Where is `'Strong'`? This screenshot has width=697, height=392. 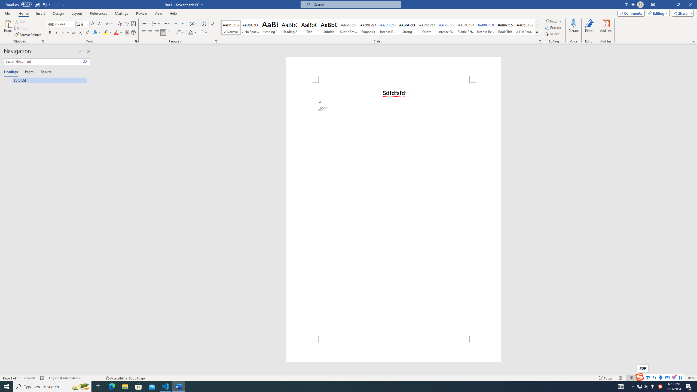 'Strong' is located at coordinates (407, 27).